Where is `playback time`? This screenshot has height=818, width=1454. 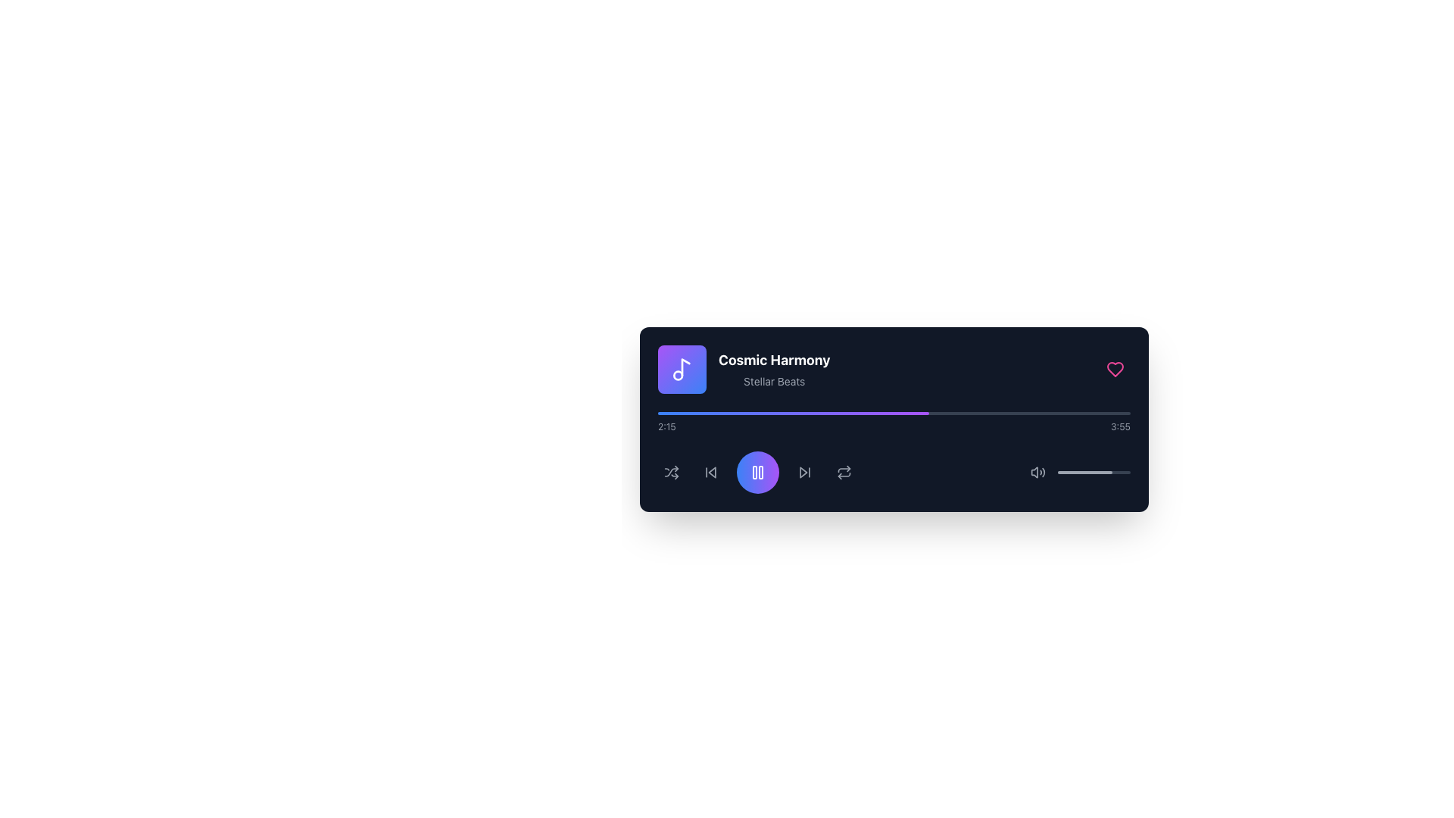 playback time is located at coordinates (963, 414).